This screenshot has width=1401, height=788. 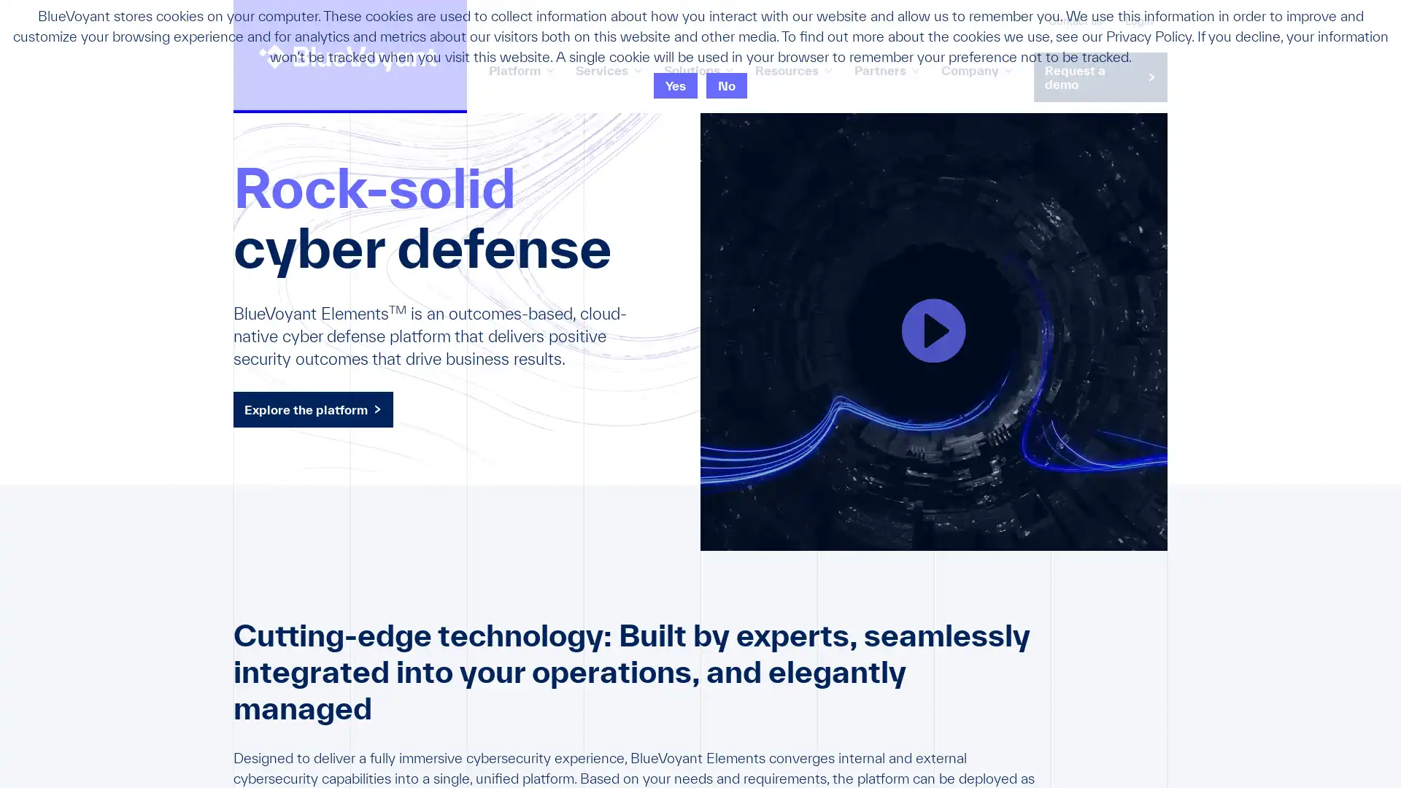 What do you see at coordinates (976, 69) in the screenshot?
I see `Company Open Company` at bounding box center [976, 69].